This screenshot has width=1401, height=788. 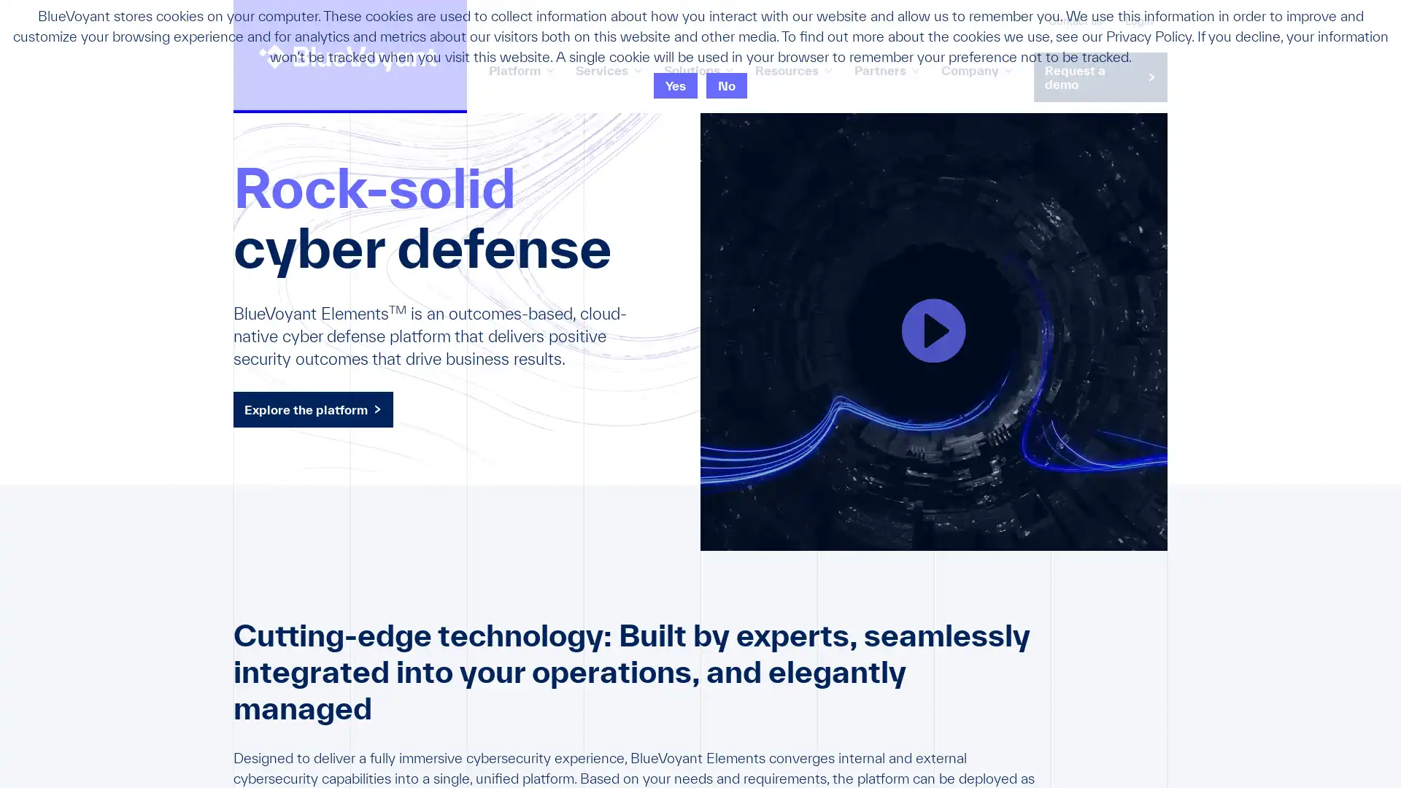 What do you see at coordinates (976, 69) in the screenshot?
I see `Company Open Company` at bounding box center [976, 69].